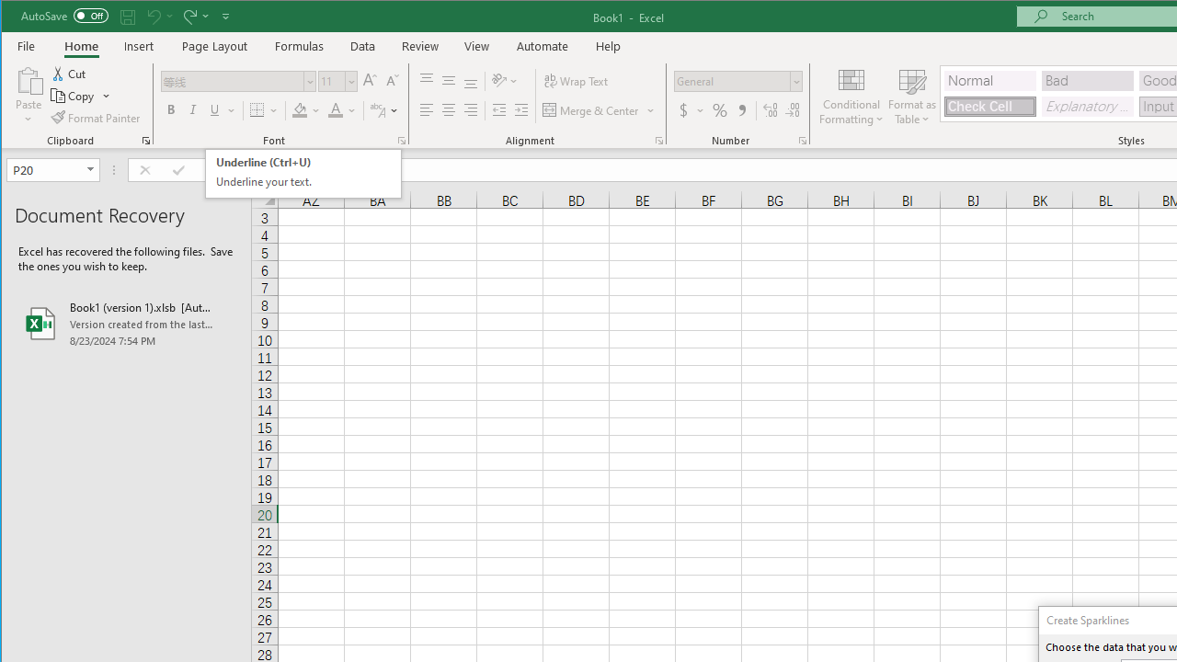 Image resolution: width=1177 pixels, height=662 pixels. I want to click on 'Check Cell', so click(989, 107).